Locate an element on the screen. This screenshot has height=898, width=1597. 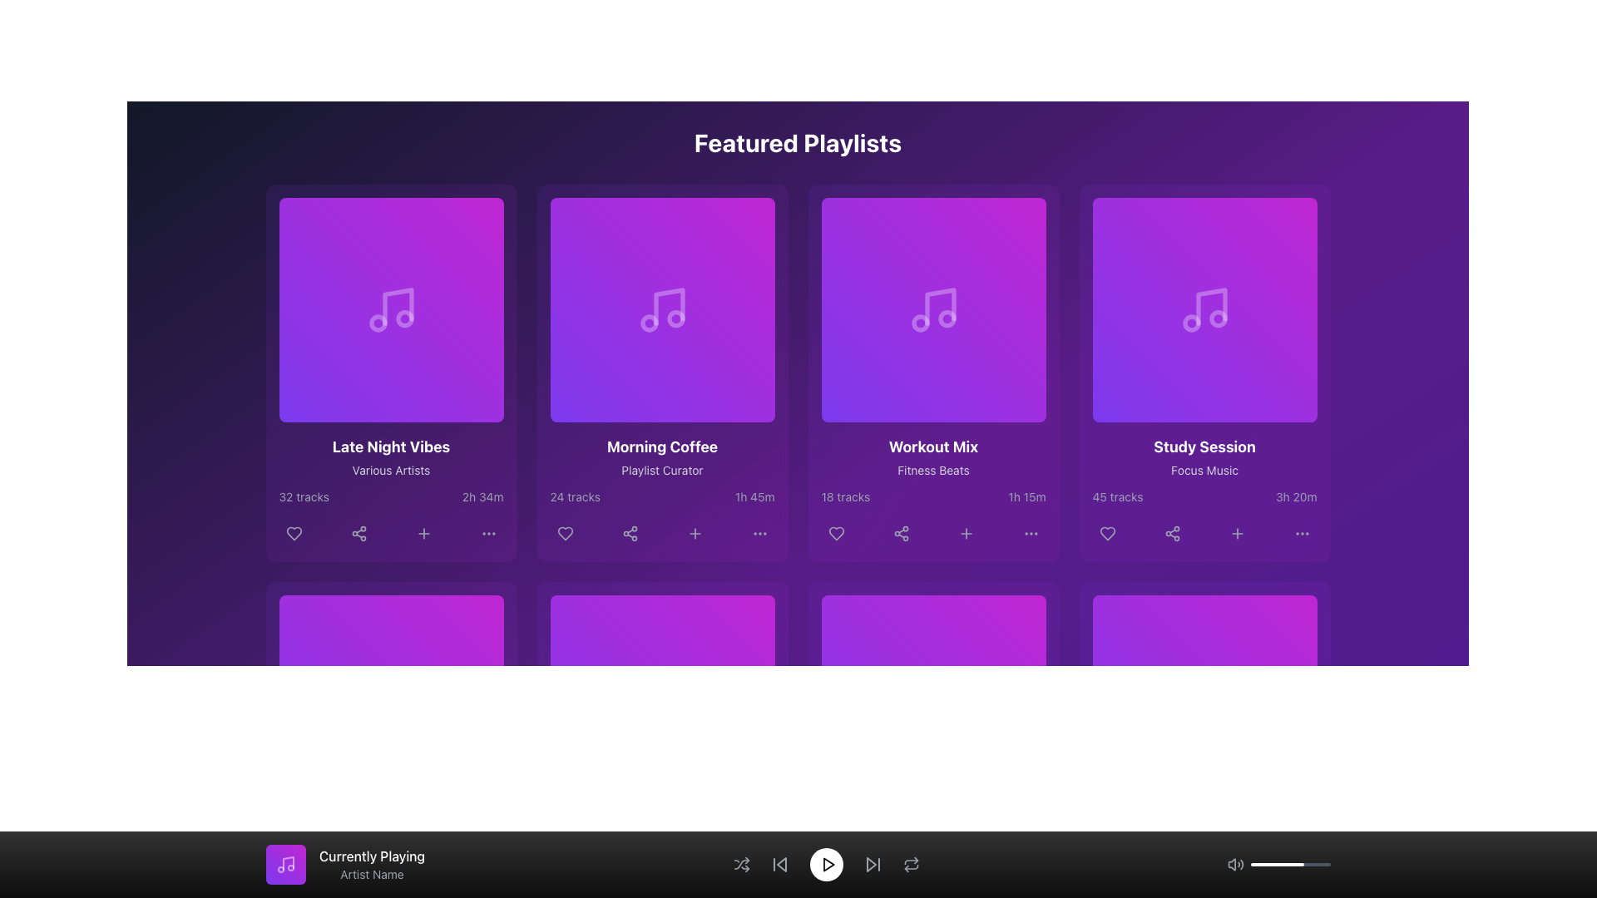
the button consisting of three light gray dots on a purple background in the bottom-right corner of the 'Study Session' card to observe the color change effect is located at coordinates (1301, 533).